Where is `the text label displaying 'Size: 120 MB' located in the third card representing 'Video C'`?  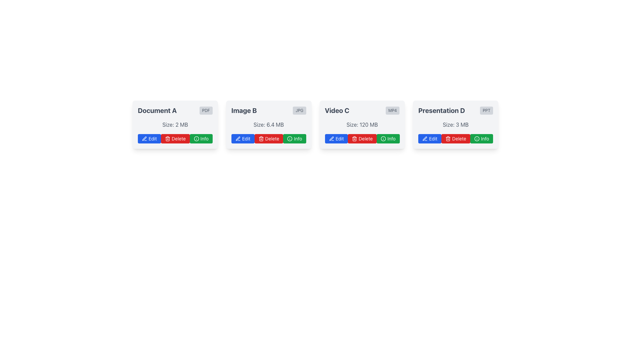 the text label displaying 'Size: 120 MB' located in the third card representing 'Video C' is located at coordinates (362, 124).